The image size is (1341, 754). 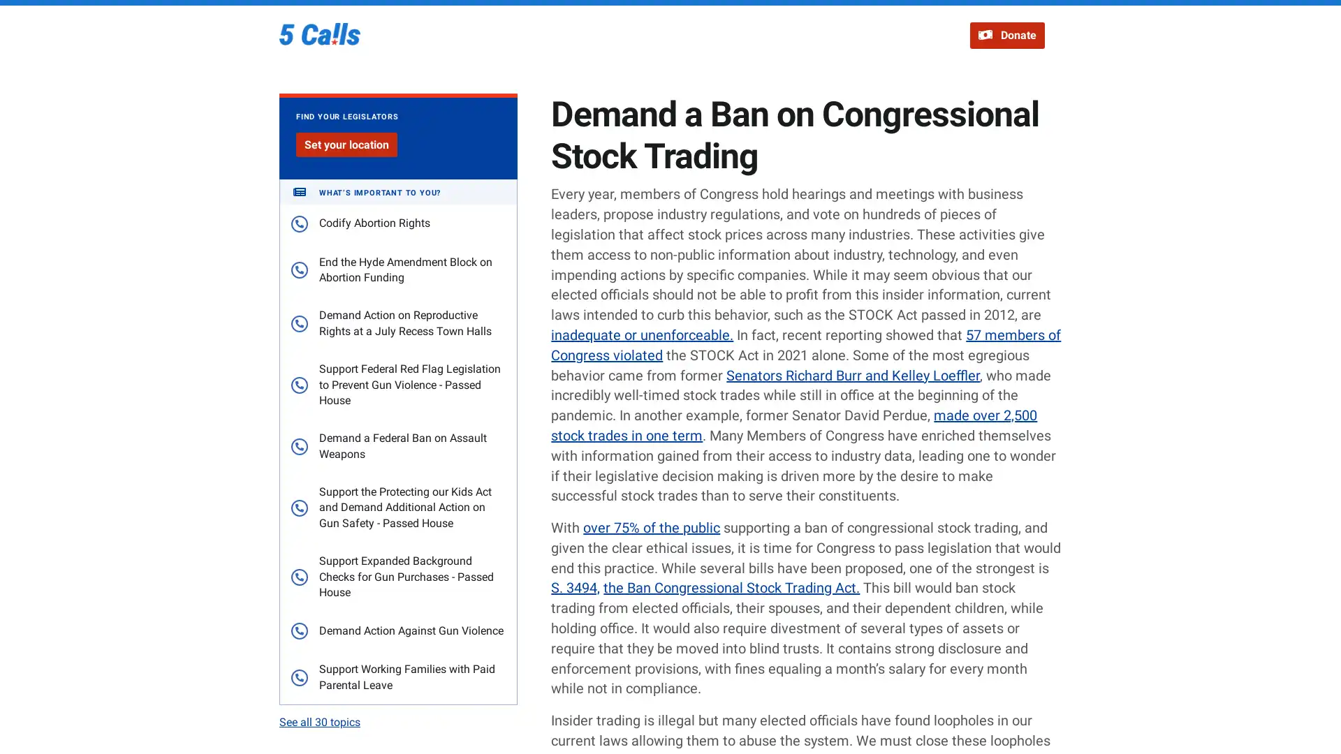 I want to click on Set your location, so click(x=346, y=145).